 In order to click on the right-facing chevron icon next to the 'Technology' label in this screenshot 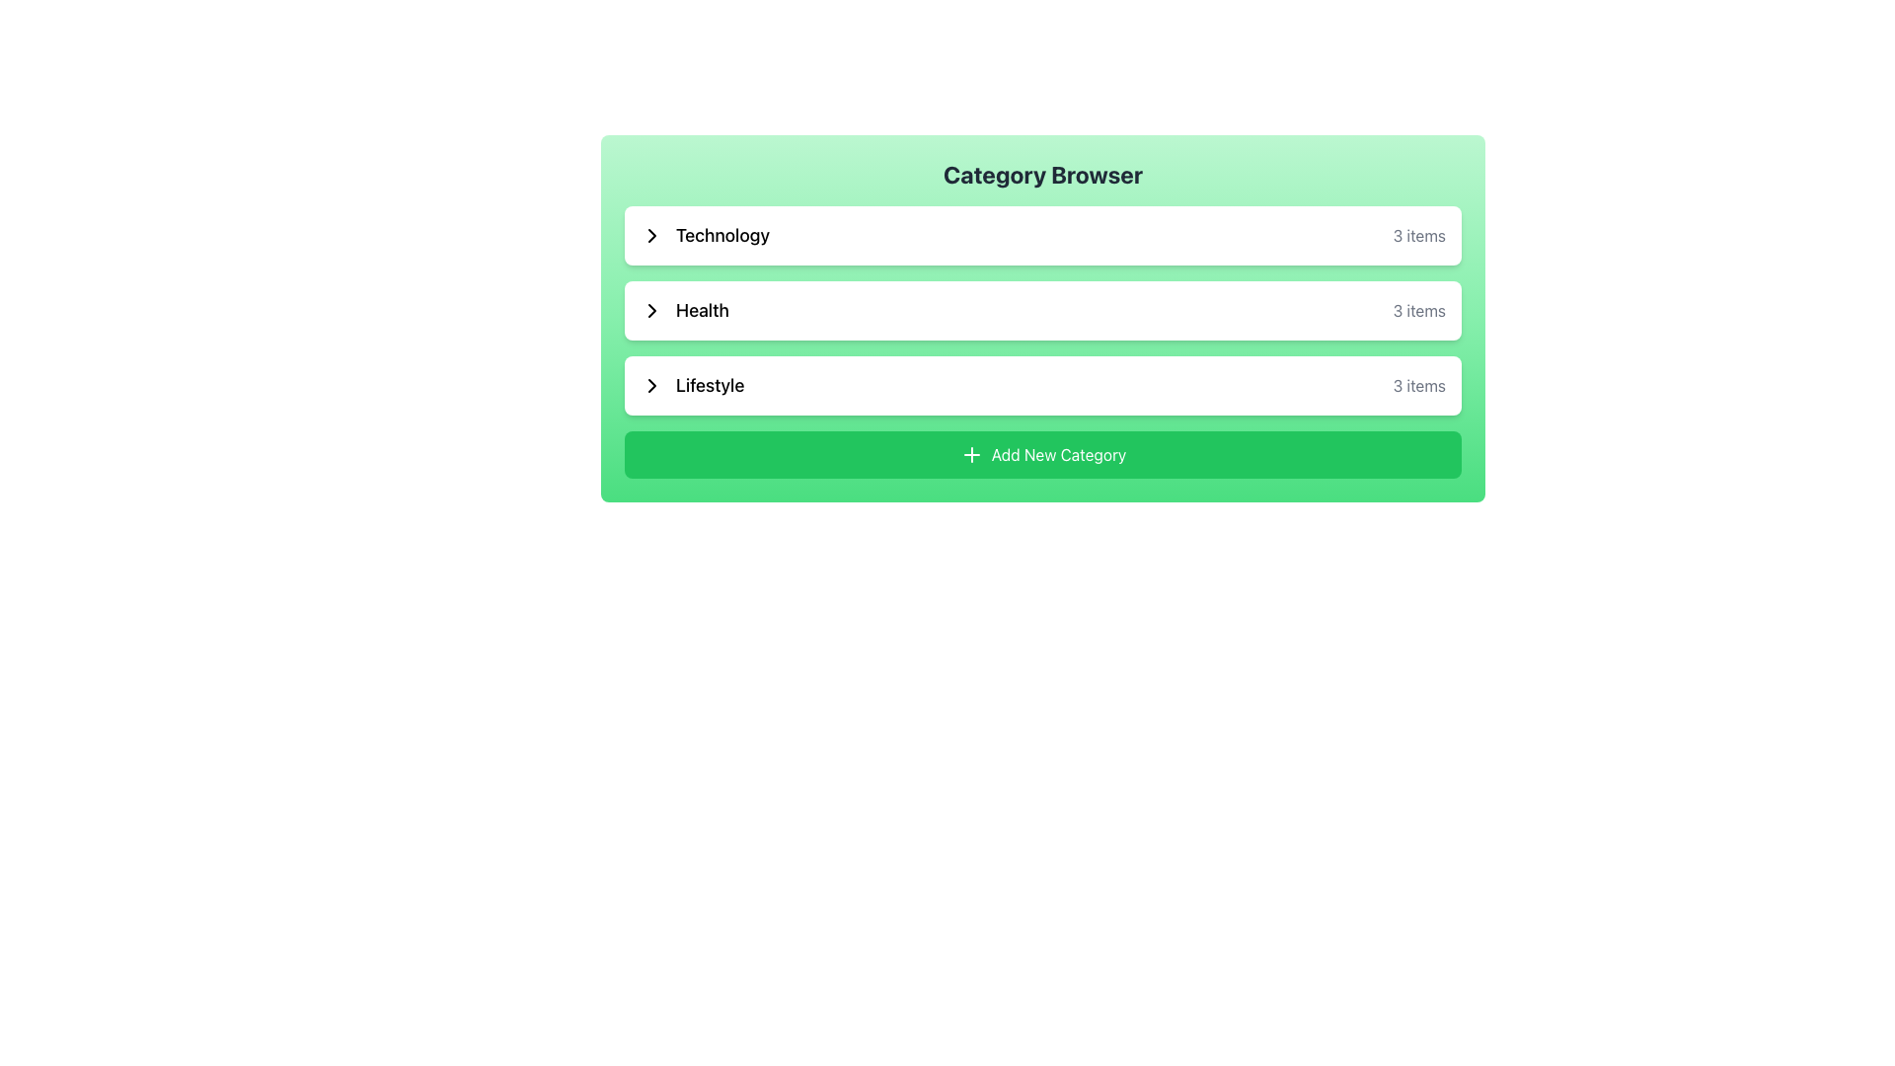, I will do `click(652, 235)`.